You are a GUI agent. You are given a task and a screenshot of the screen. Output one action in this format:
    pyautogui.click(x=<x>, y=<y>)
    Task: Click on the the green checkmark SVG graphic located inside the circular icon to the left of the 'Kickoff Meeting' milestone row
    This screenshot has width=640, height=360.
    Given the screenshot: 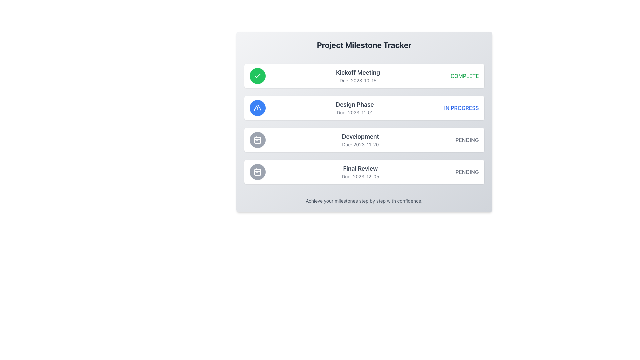 What is the action you would take?
    pyautogui.click(x=257, y=75)
    